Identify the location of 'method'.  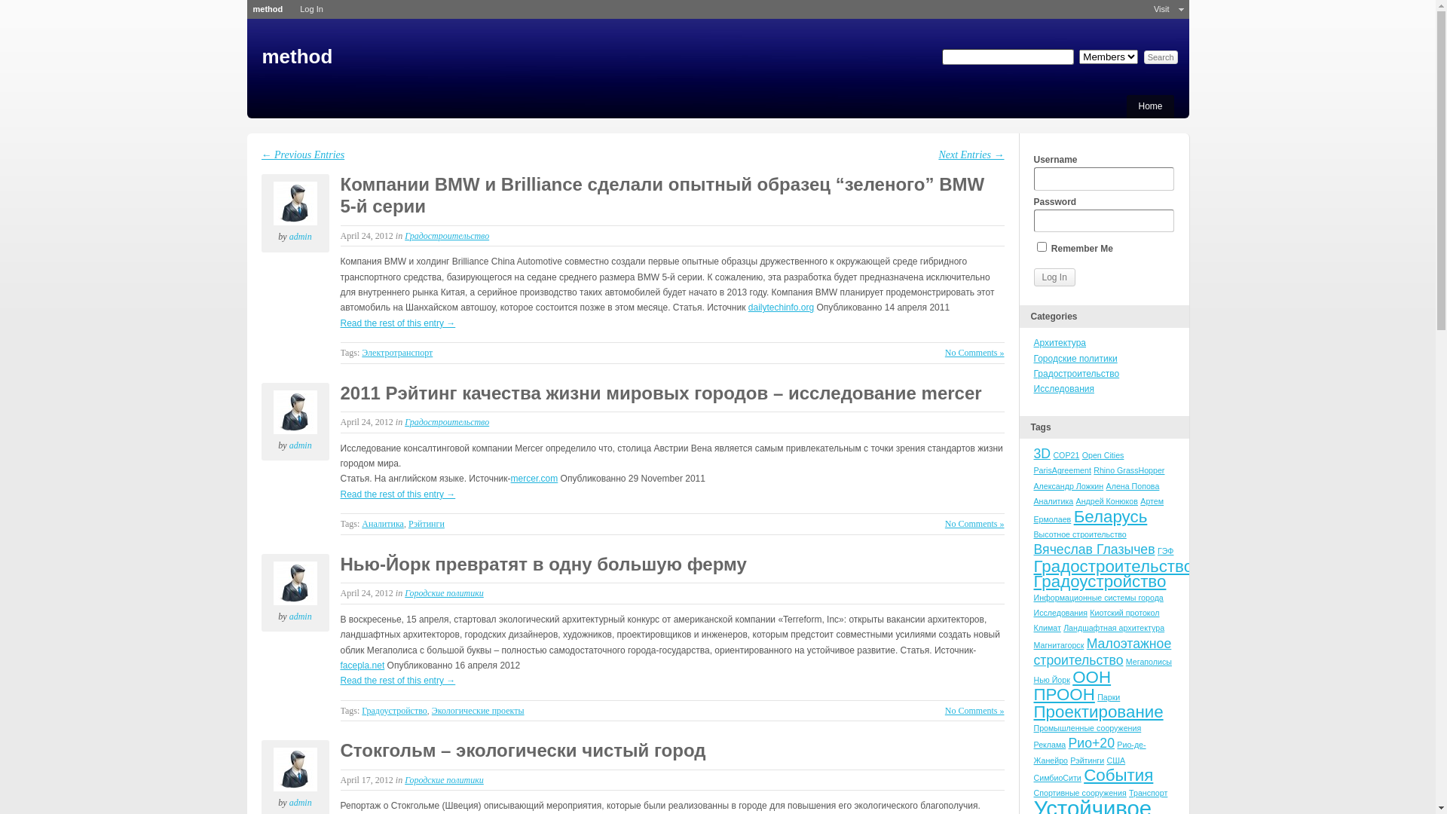
(268, 8).